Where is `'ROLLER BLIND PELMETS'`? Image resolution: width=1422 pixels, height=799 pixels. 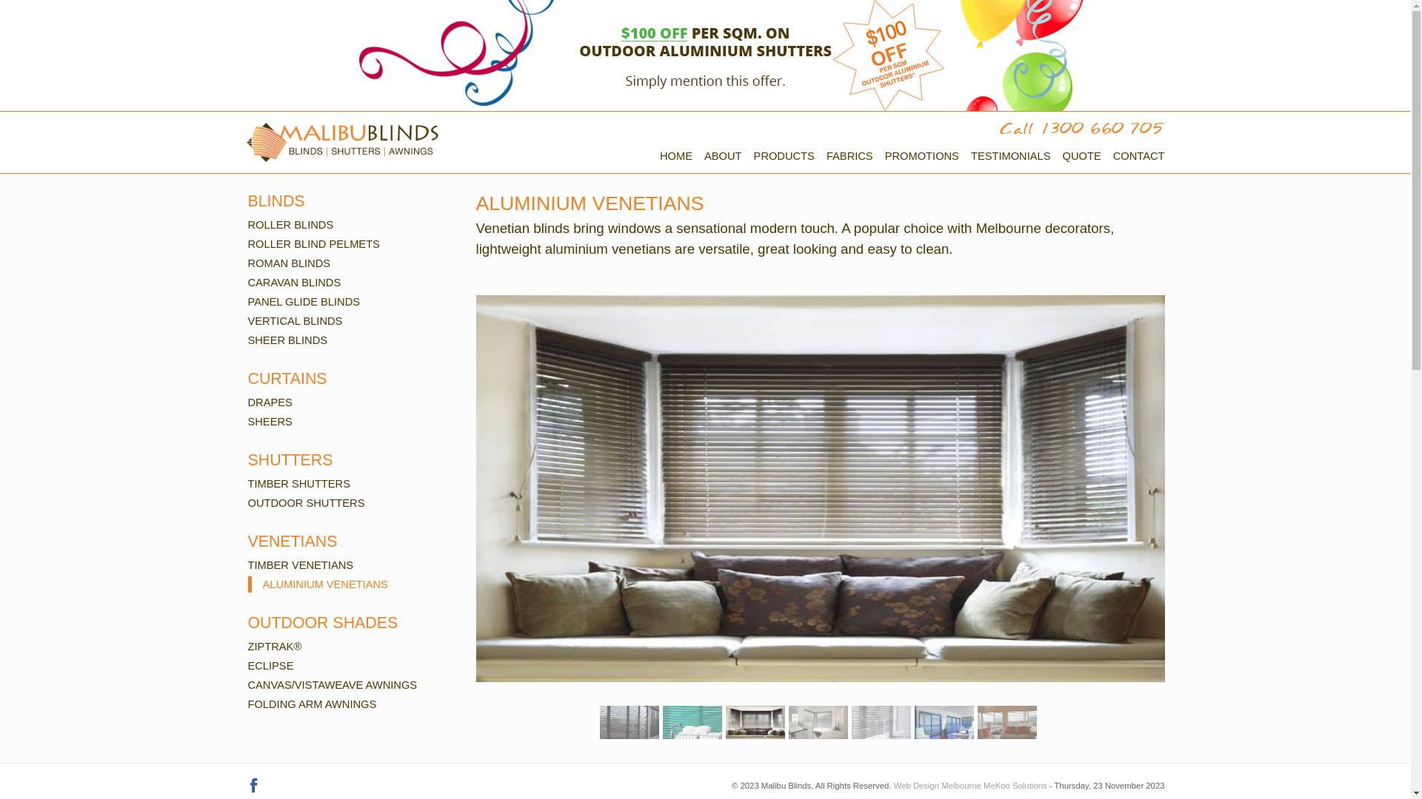 'ROLLER BLIND PELMETS' is located at coordinates (350, 243).